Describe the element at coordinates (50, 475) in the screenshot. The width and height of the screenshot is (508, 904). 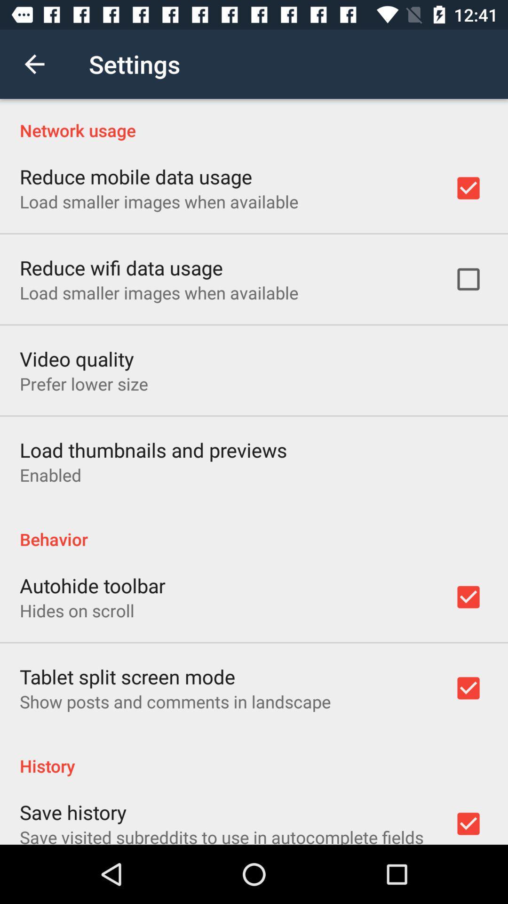
I see `the icon below the load thumbnails and item` at that location.